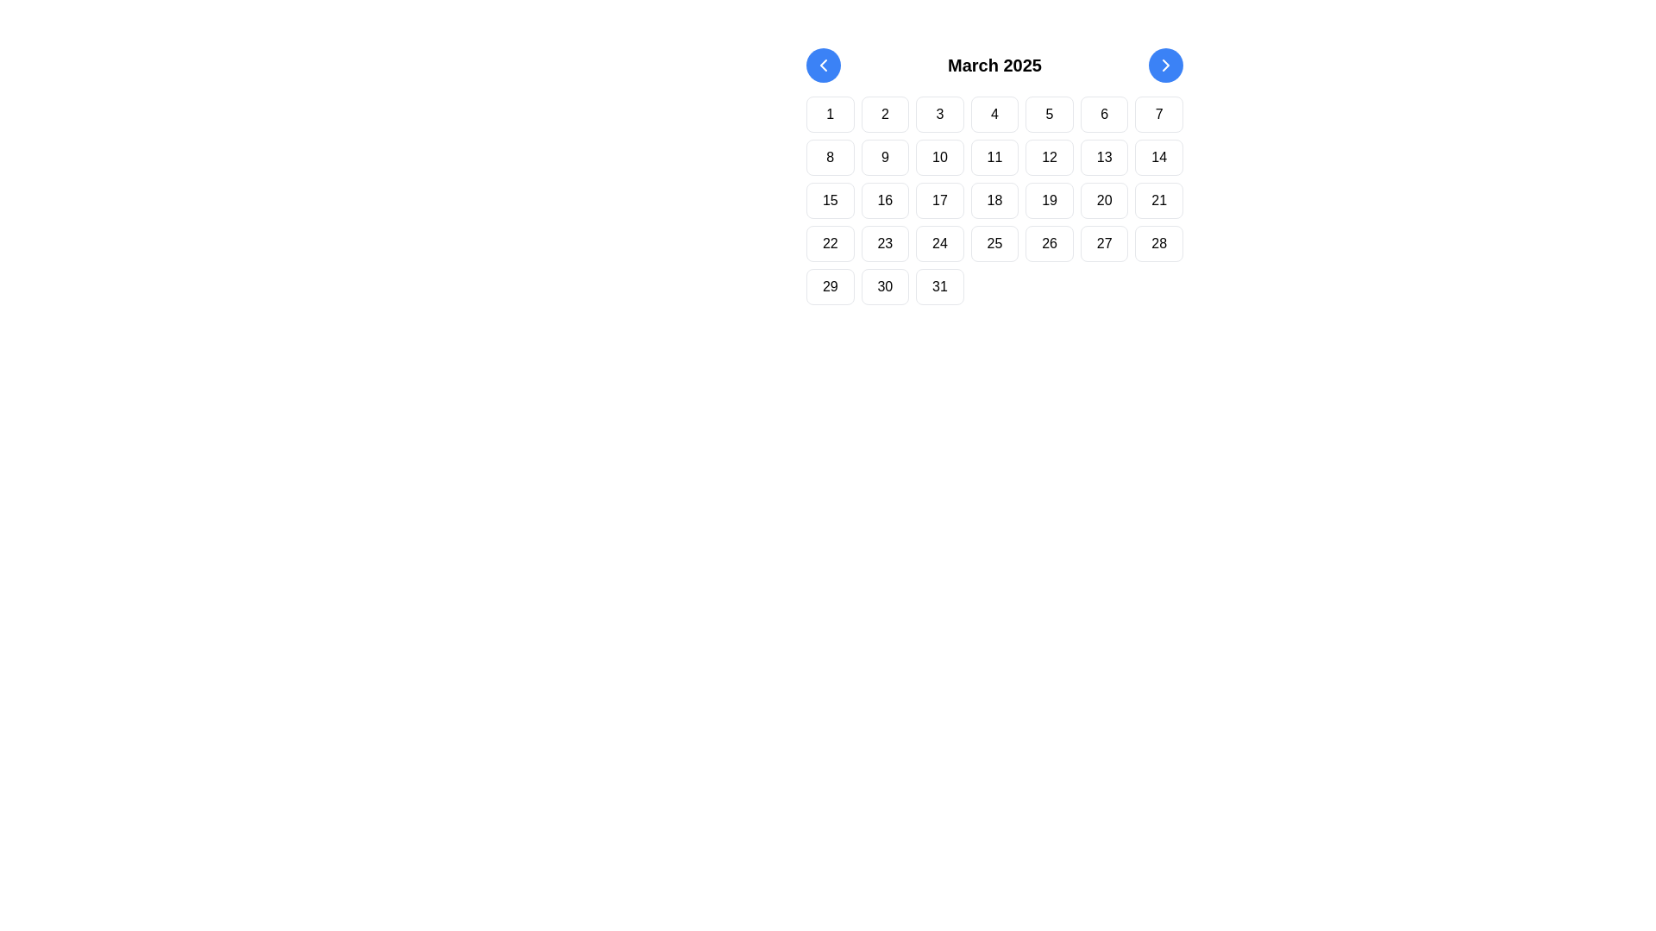 The width and height of the screenshot is (1656, 931). What do you see at coordinates (994, 243) in the screenshot?
I see `the button representing the 25th day of March 2025 in the calendar layout` at bounding box center [994, 243].